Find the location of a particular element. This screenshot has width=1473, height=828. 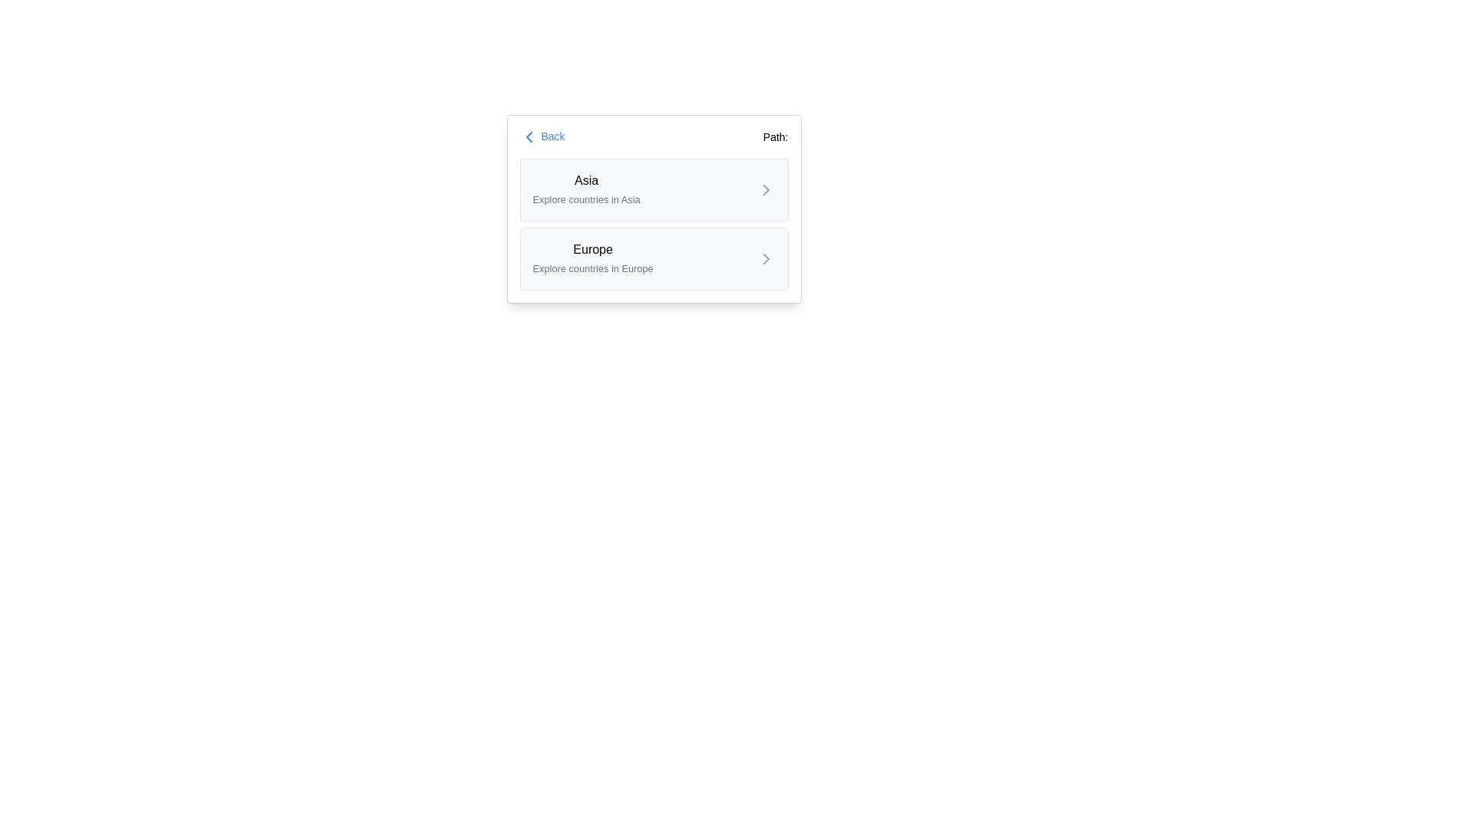

the informational content block with the header 'Asia' and the text 'Explore countries in Asia' is located at coordinates (585, 189).